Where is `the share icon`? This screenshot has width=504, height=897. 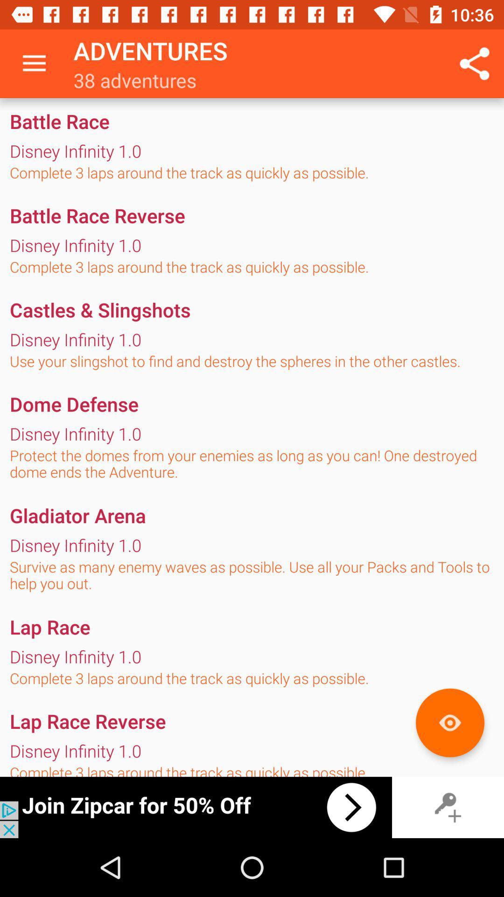 the share icon is located at coordinates (475, 64).